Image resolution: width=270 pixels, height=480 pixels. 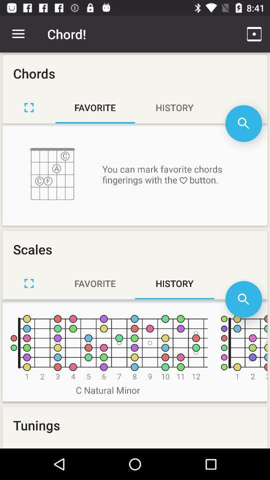 I want to click on search scales history, so click(x=243, y=299).